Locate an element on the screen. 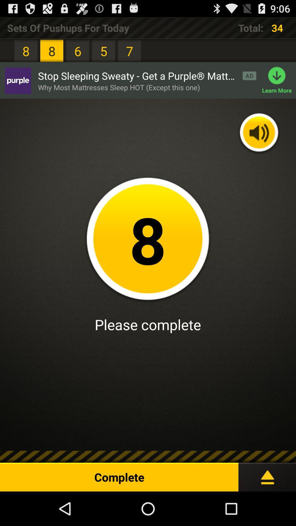  volume options is located at coordinates (259, 133).